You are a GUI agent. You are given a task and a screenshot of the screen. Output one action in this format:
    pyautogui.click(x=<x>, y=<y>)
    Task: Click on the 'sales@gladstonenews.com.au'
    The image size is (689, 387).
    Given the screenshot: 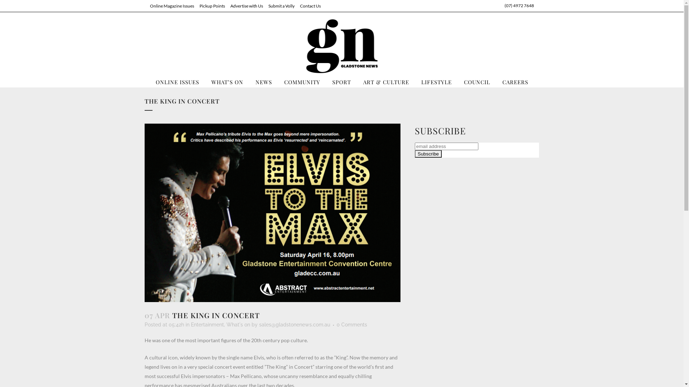 What is the action you would take?
    pyautogui.click(x=294, y=325)
    